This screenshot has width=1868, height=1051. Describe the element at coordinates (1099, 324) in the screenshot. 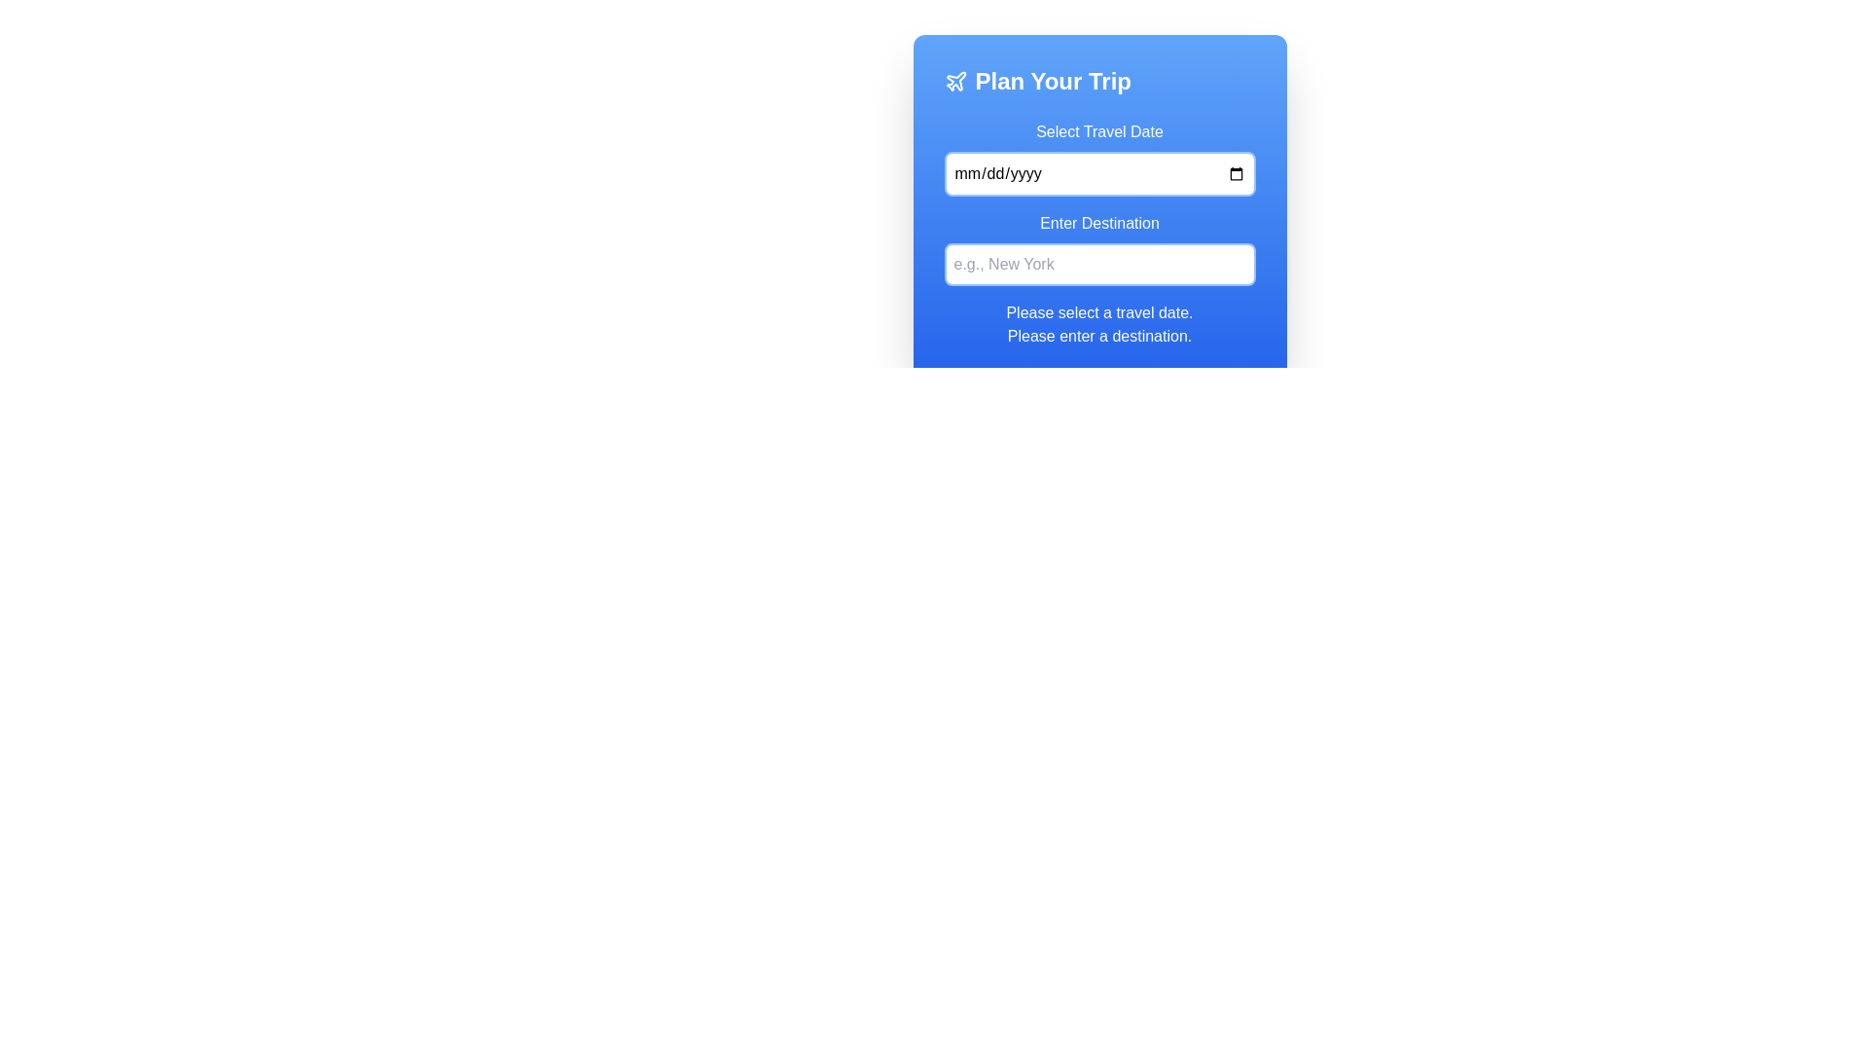

I see `the guidance or error message text located at the bottom of the 'Plan Your Trip' card, below the input fields for 'Enter Destination'` at that location.